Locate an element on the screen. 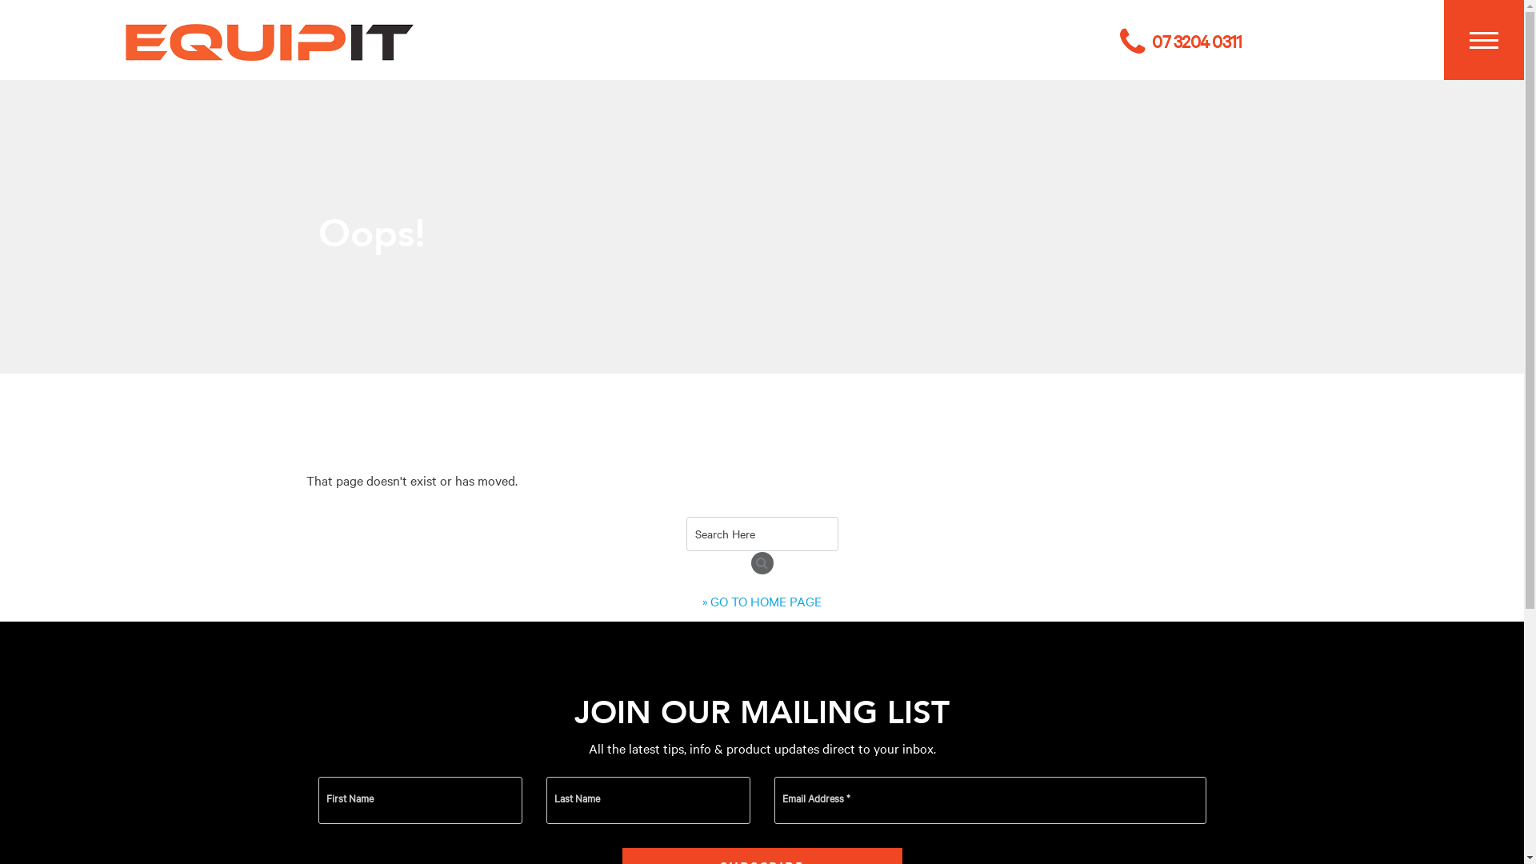 The height and width of the screenshot is (864, 1536). '07 3204 0311' is located at coordinates (1181, 40).